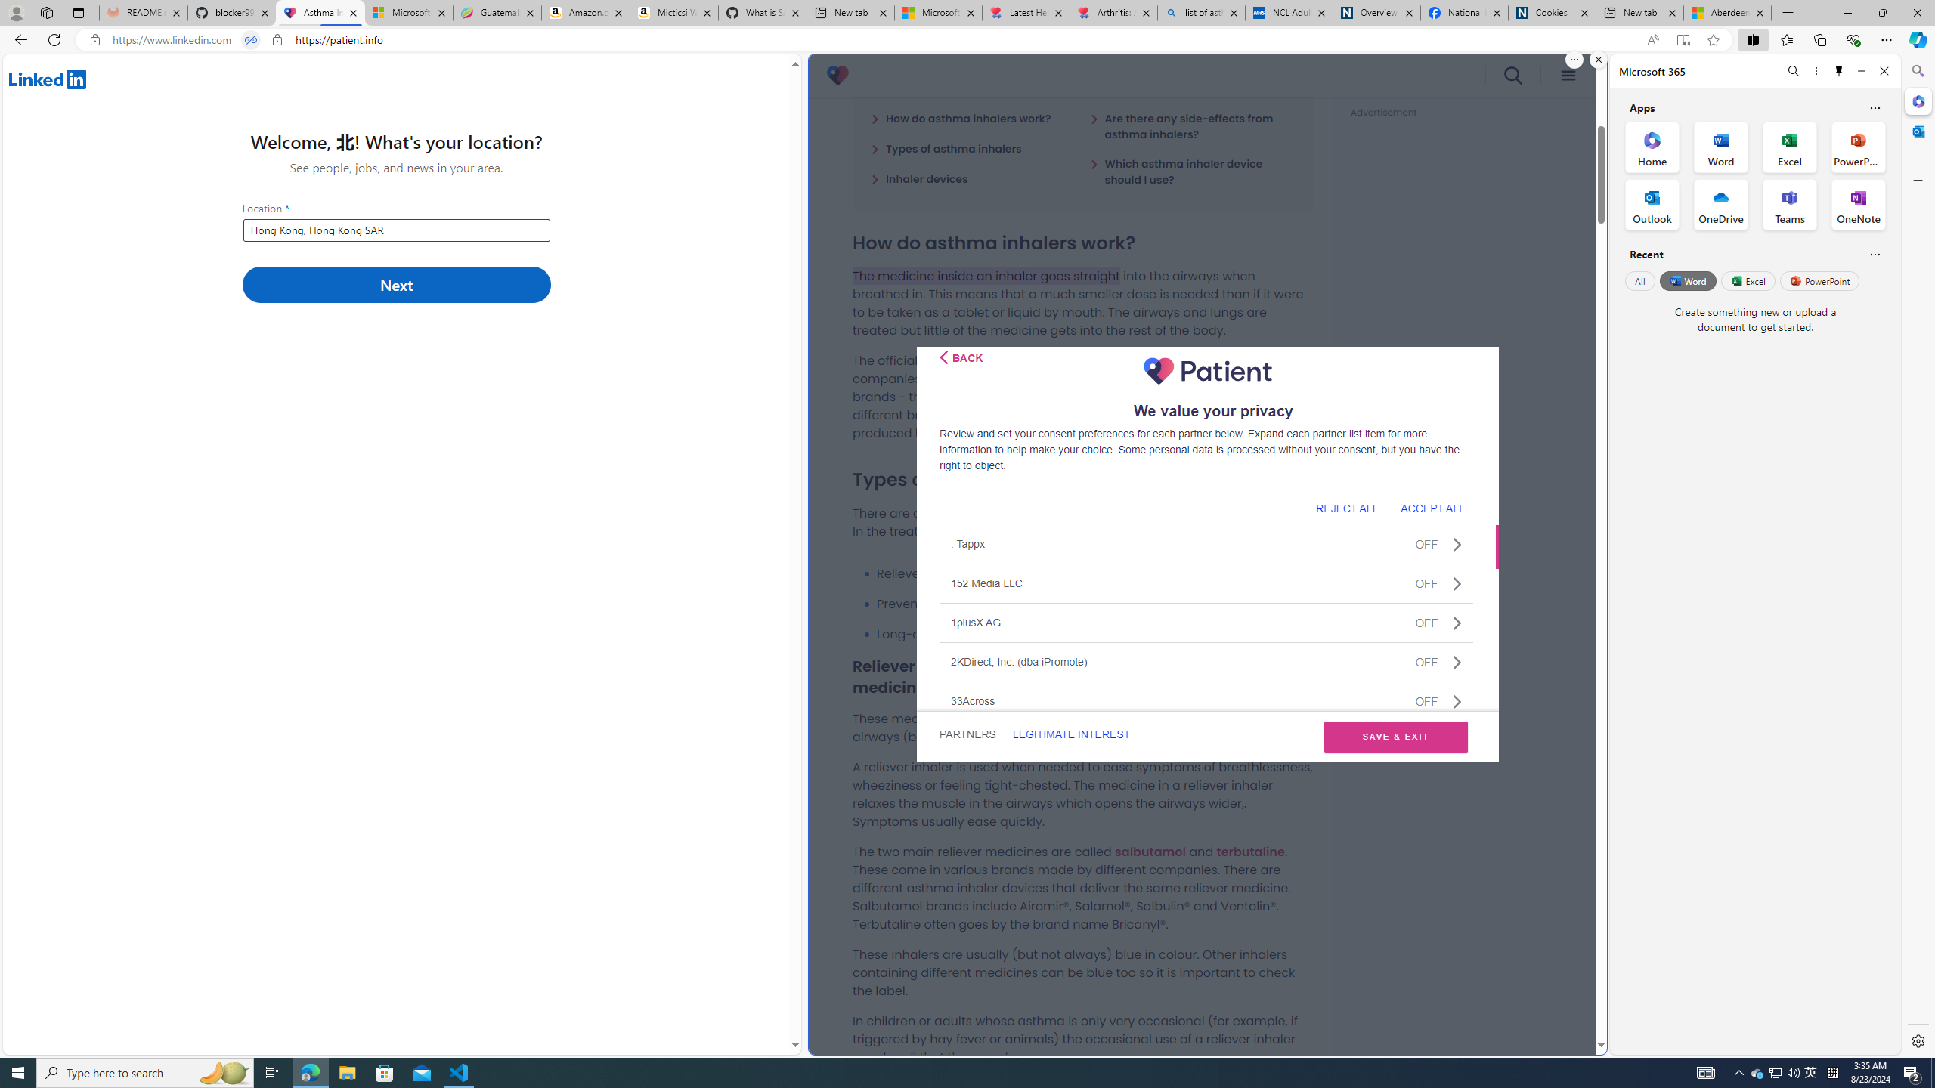  What do you see at coordinates (1192, 171) in the screenshot?
I see `'Which asthma inhaler device should I use?'` at bounding box center [1192, 171].